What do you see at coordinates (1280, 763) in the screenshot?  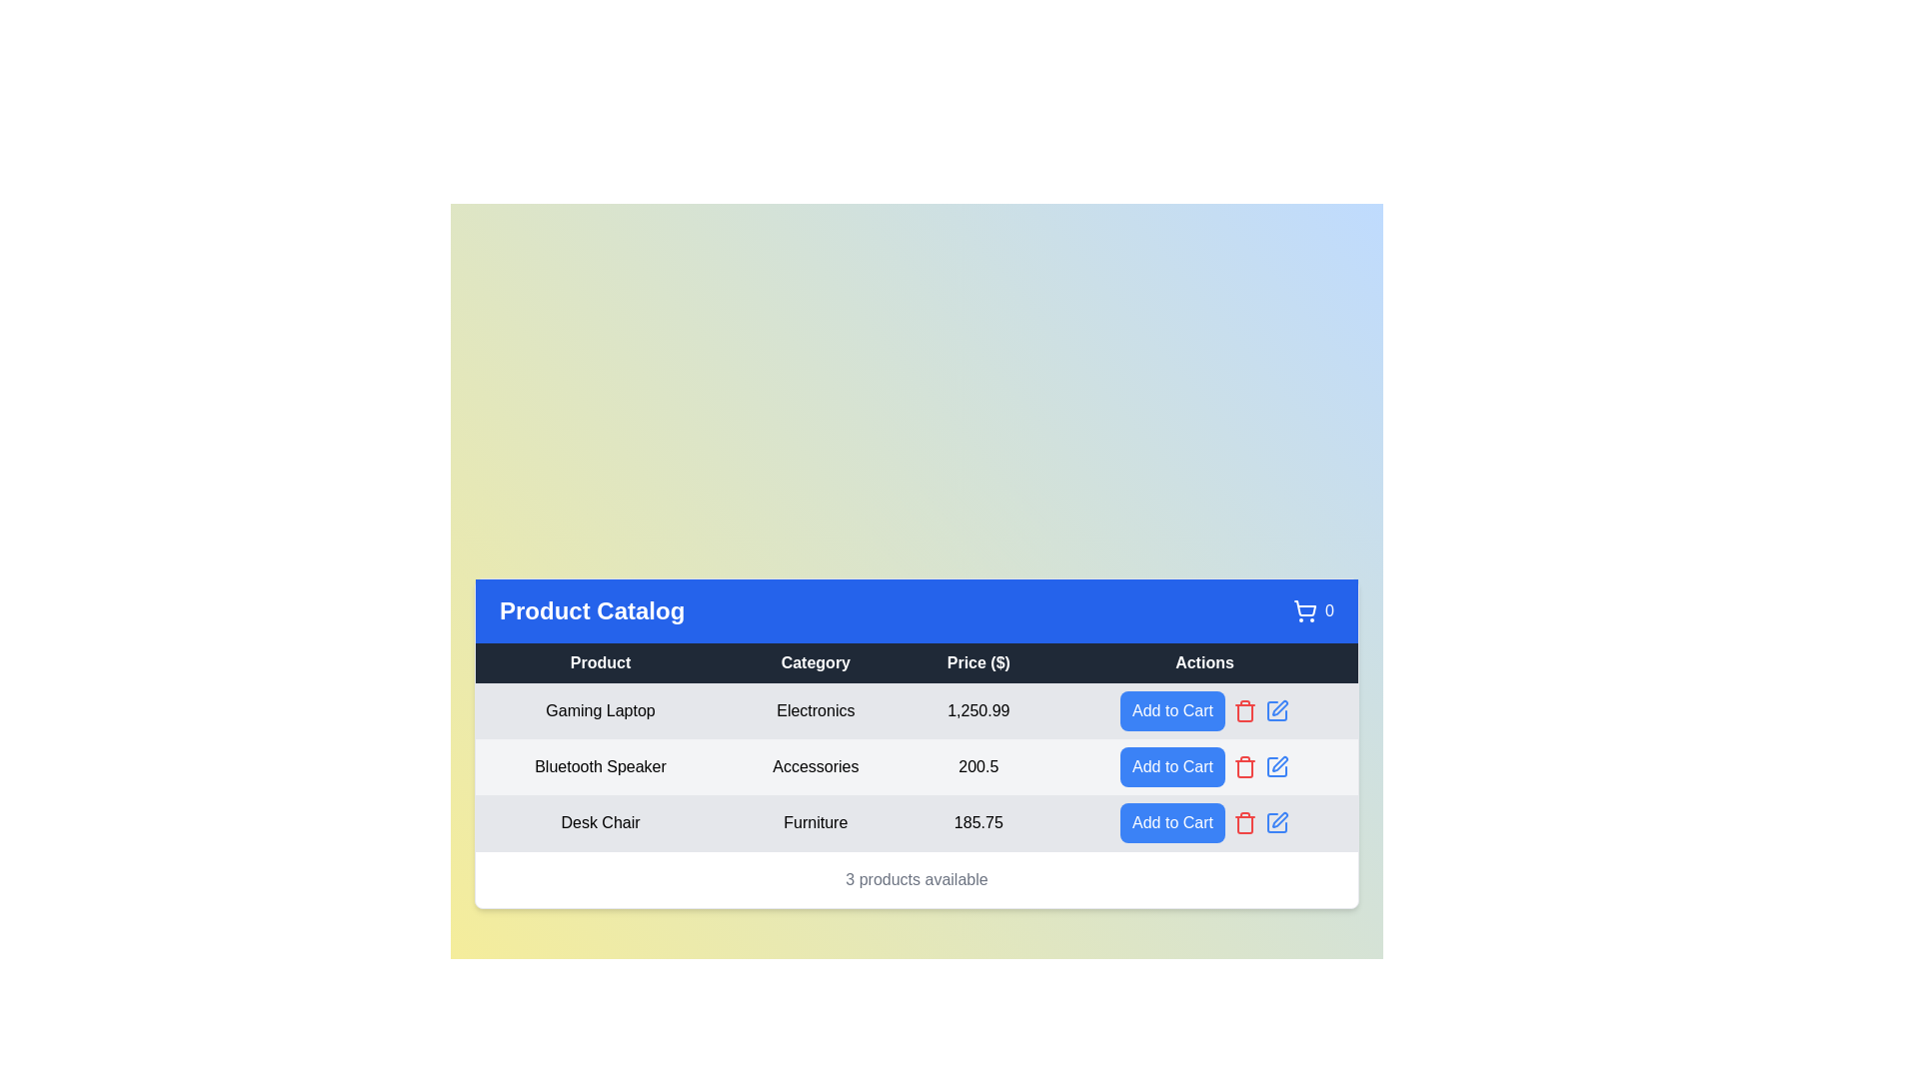 I see `the 'Edit' icon located in the 'Actions' column of the third row in the product table` at bounding box center [1280, 763].